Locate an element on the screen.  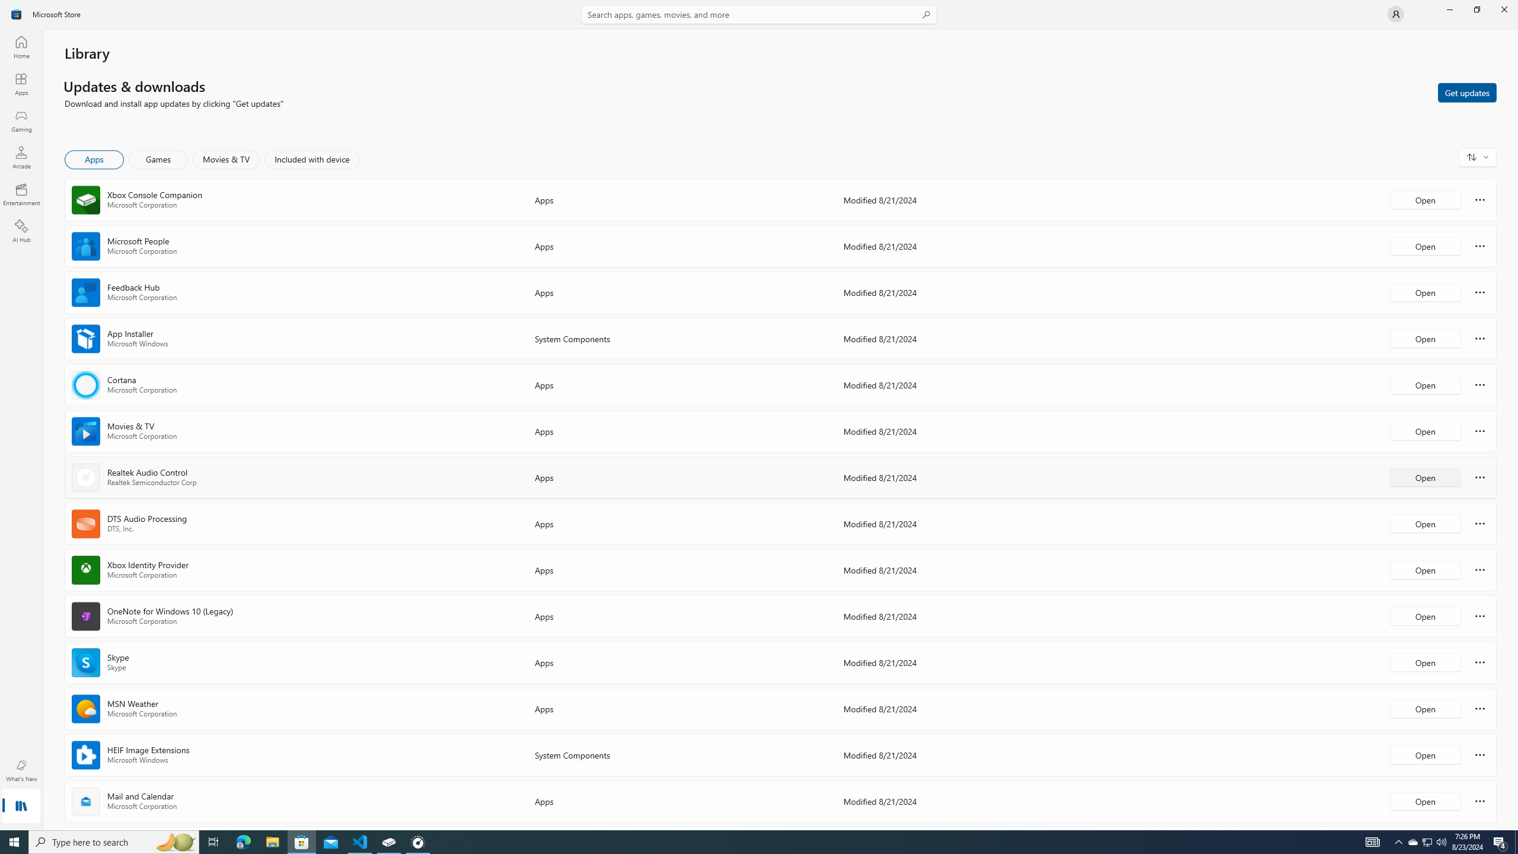
'Included with device' is located at coordinates (311, 159).